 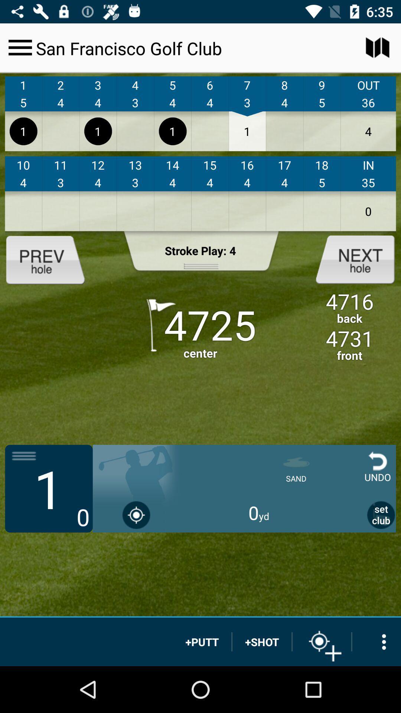 What do you see at coordinates (51, 259) in the screenshot?
I see `golf game reviver` at bounding box center [51, 259].